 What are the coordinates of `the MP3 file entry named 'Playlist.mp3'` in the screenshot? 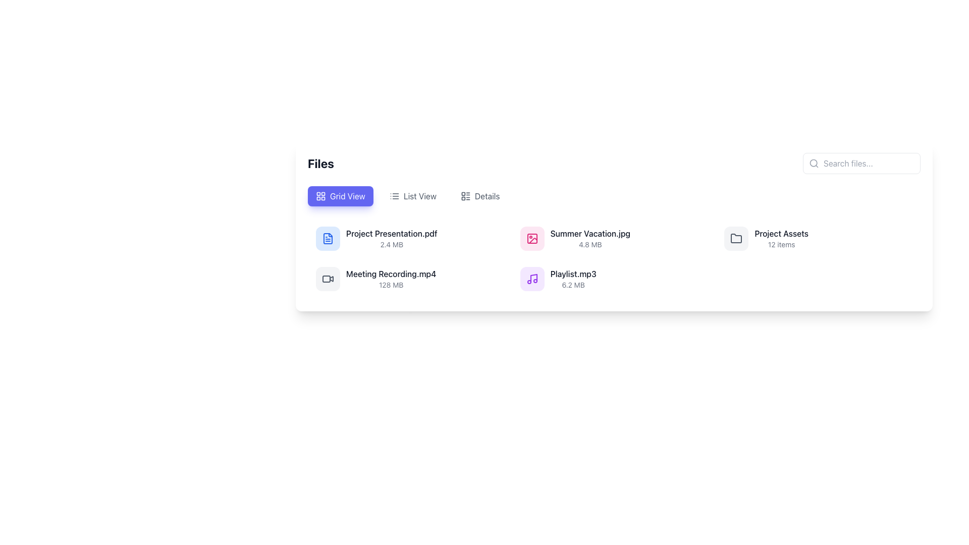 It's located at (613, 279).